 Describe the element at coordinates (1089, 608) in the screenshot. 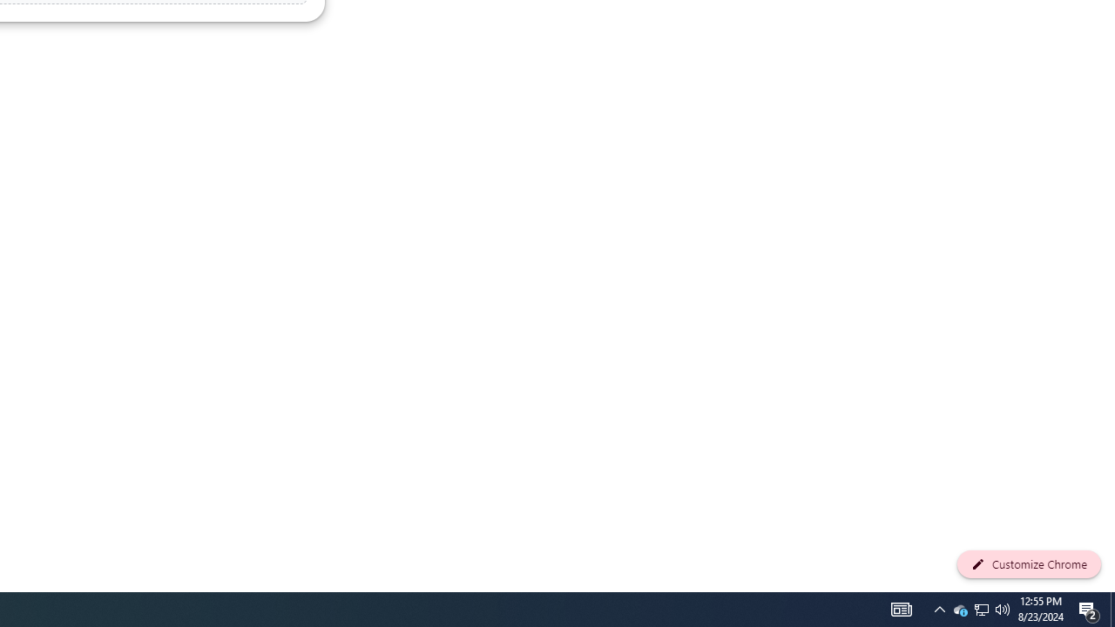

I see `'Action Center, 2 new notifications'` at that location.